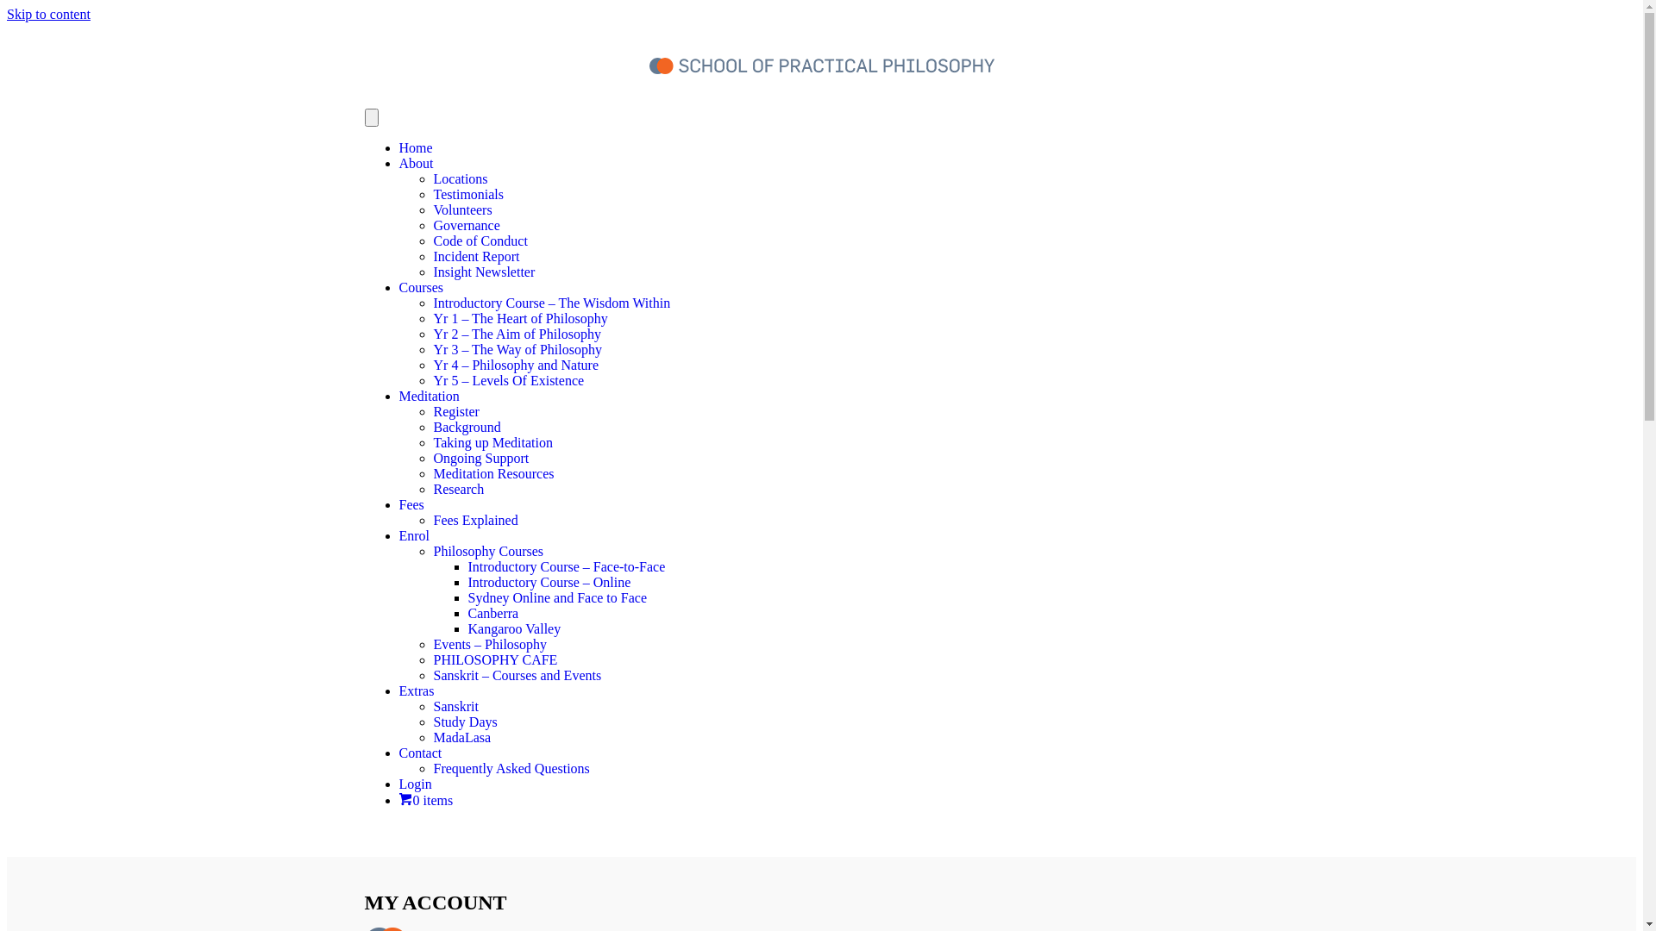 The width and height of the screenshot is (1656, 931). Describe the element at coordinates (397, 784) in the screenshot. I see `'Login'` at that location.